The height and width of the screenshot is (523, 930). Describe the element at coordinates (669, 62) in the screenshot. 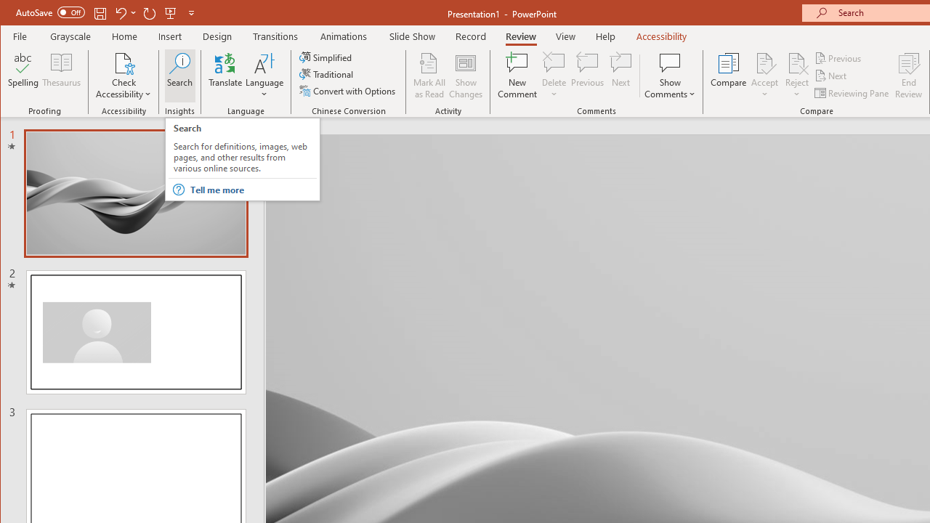

I see `'Show Comments'` at that location.